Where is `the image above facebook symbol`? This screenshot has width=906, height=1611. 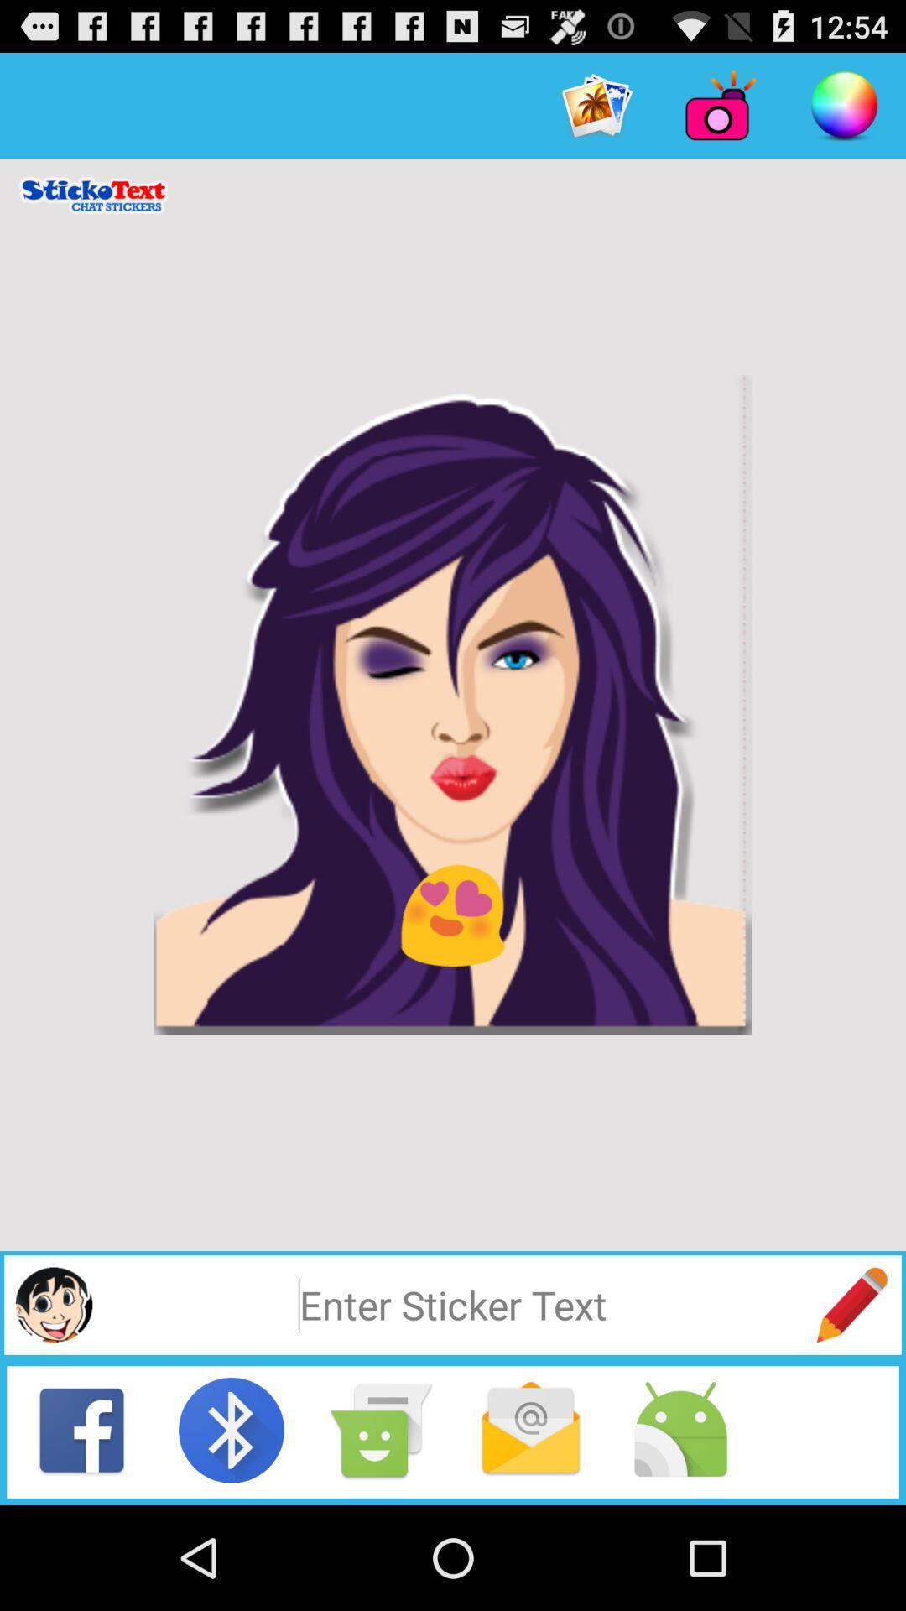
the image above facebook symbol is located at coordinates (53, 1304).